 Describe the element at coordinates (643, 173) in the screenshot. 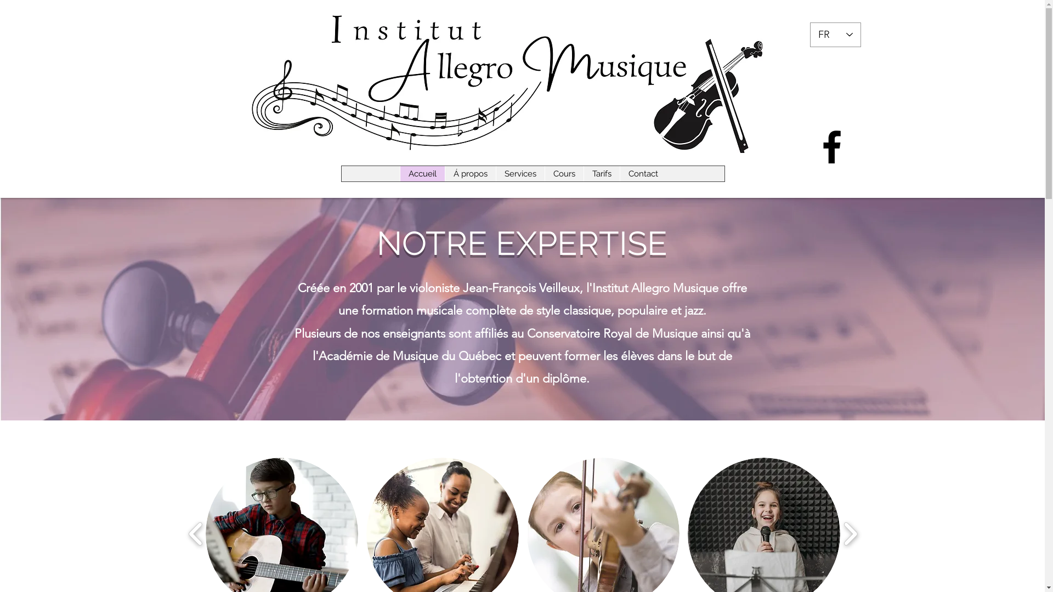

I see `'Contact'` at that location.